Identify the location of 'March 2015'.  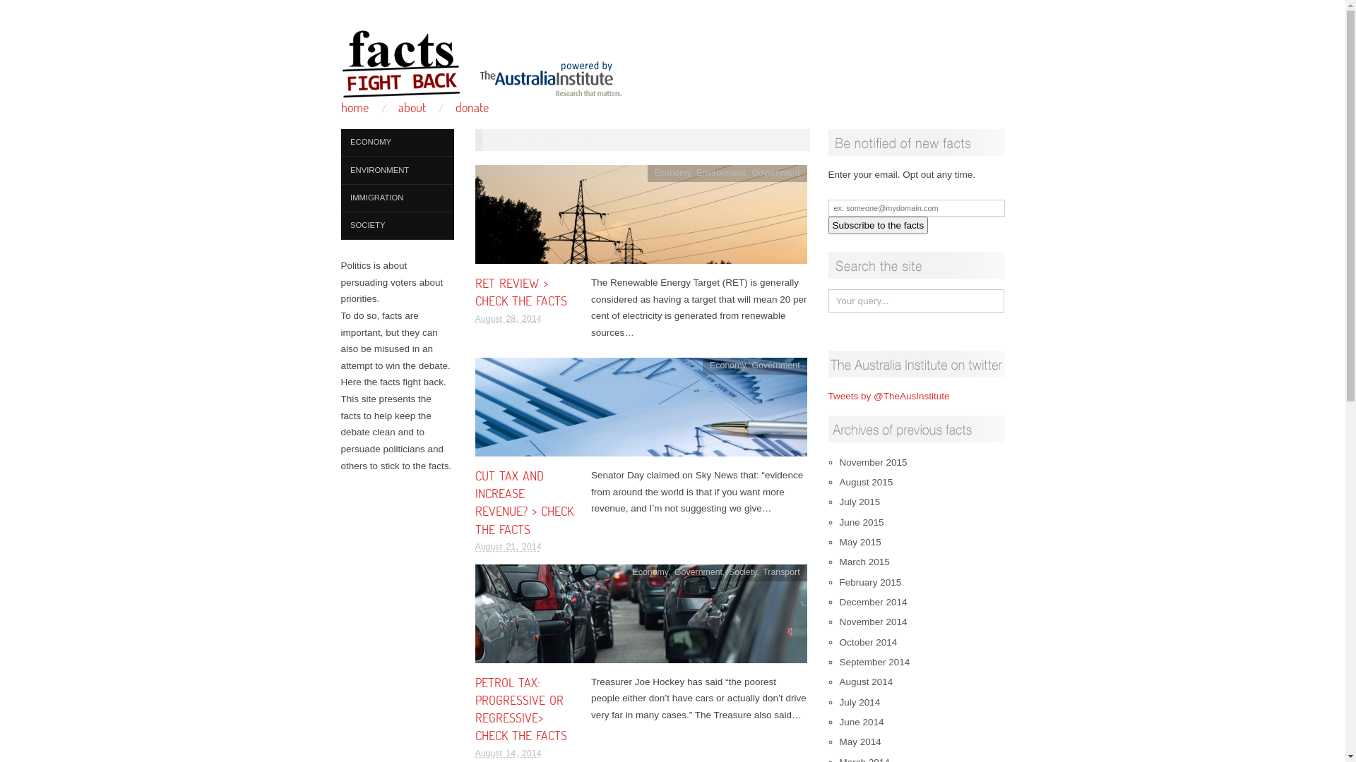
(863, 561).